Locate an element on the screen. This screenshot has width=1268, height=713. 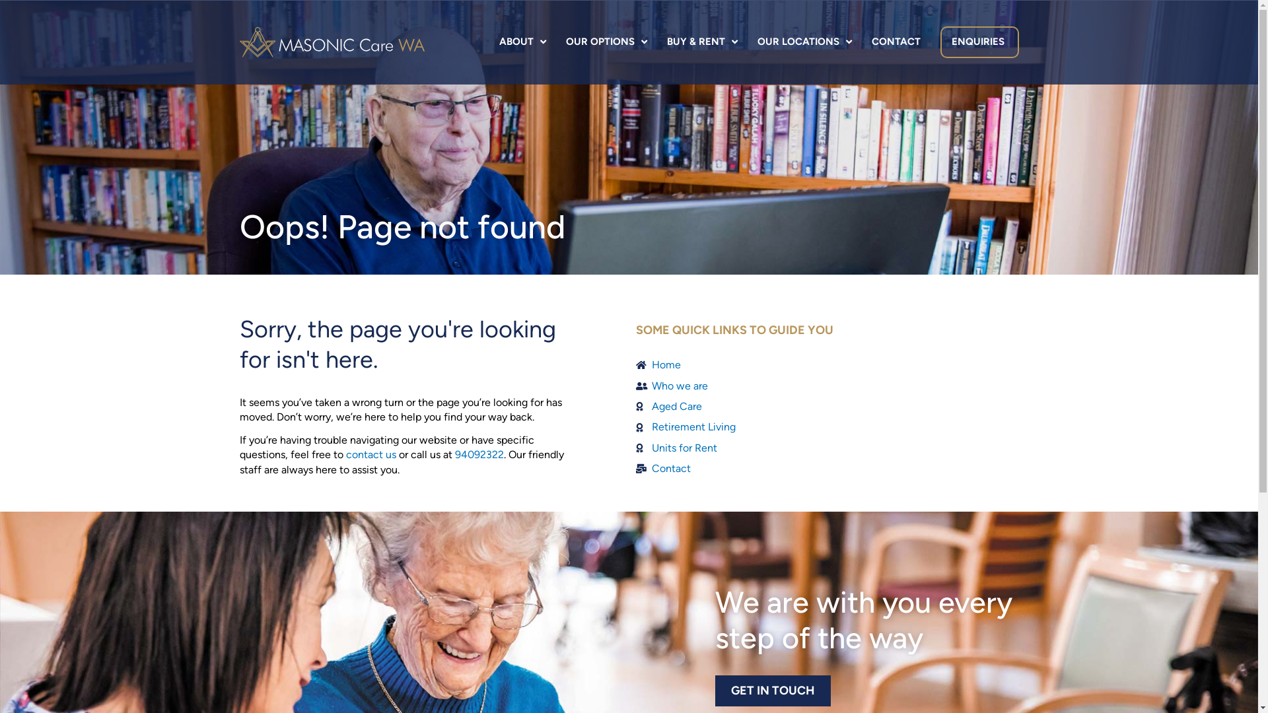
'OUR LOCATIONS' is located at coordinates (804, 42).